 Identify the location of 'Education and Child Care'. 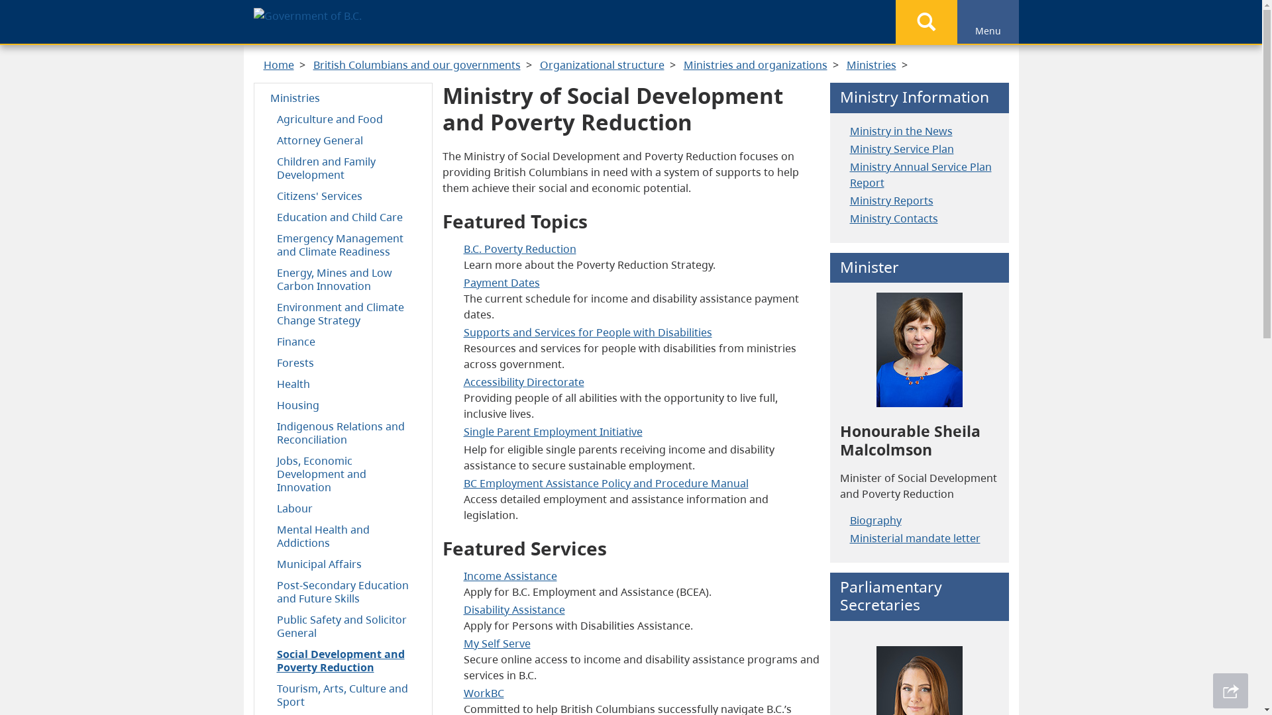
(343, 216).